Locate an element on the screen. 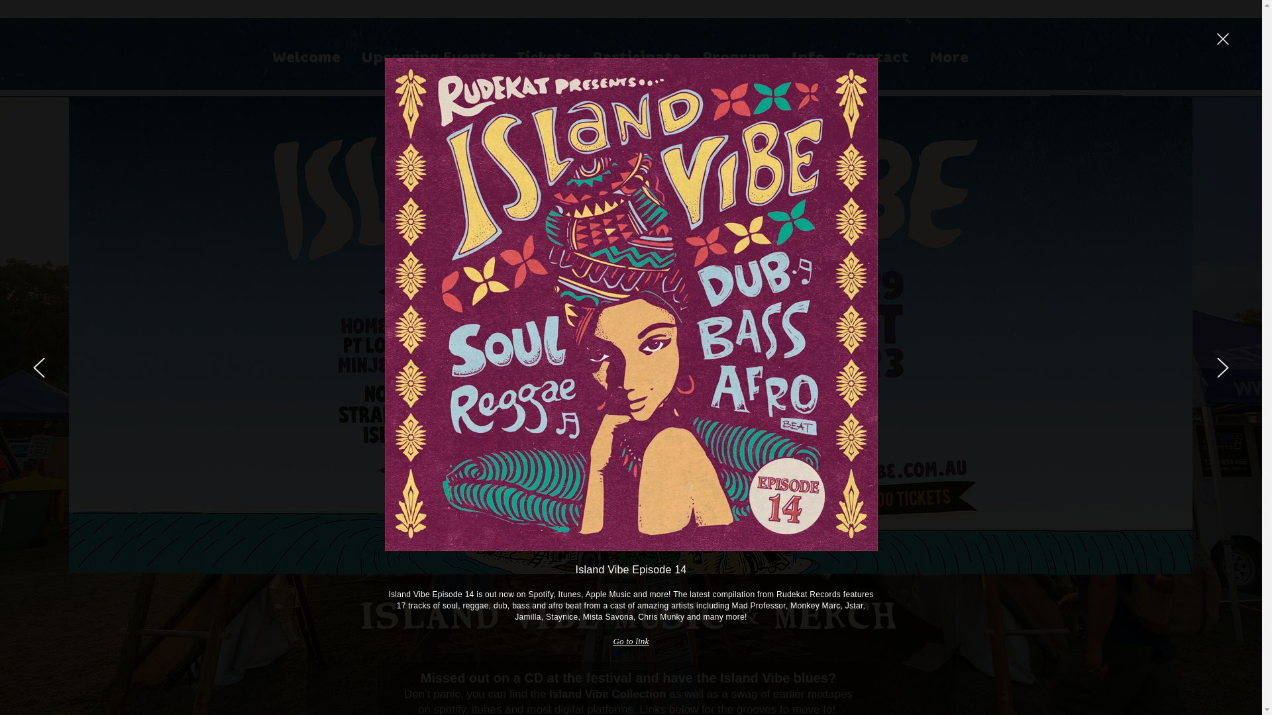 The width and height of the screenshot is (1272, 715). 'Participate' is located at coordinates (582, 56).